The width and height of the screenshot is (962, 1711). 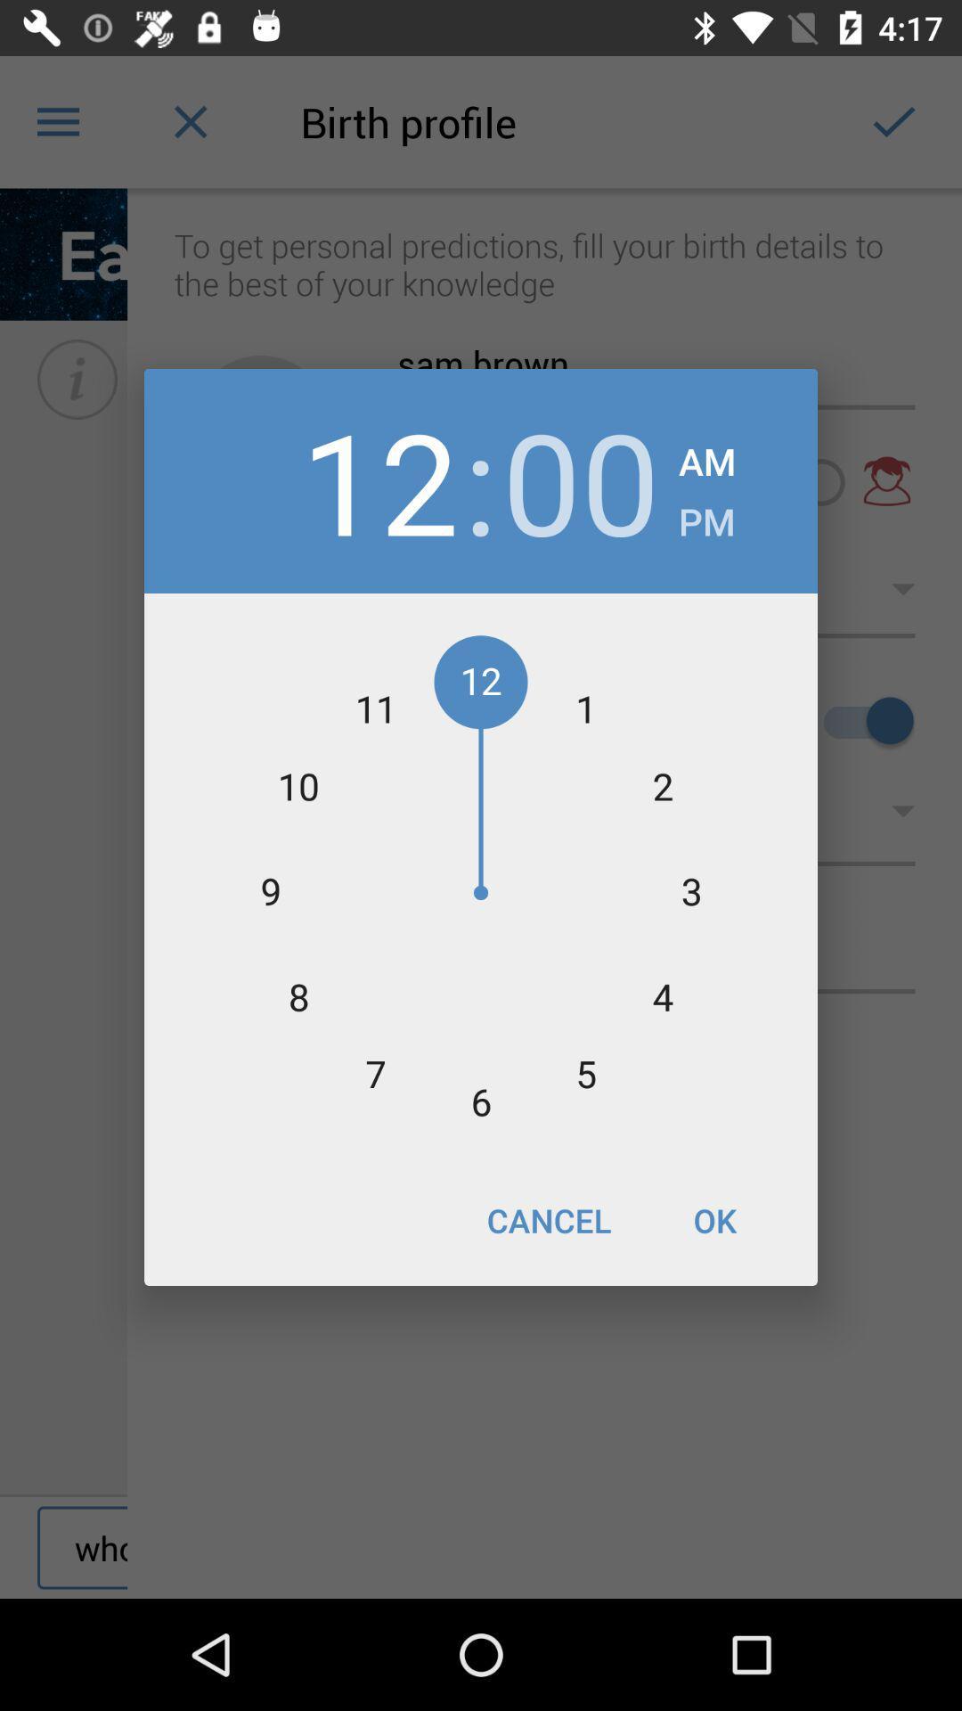 What do you see at coordinates (706, 456) in the screenshot?
I see `the am icon` at bounding box center [706, 456].